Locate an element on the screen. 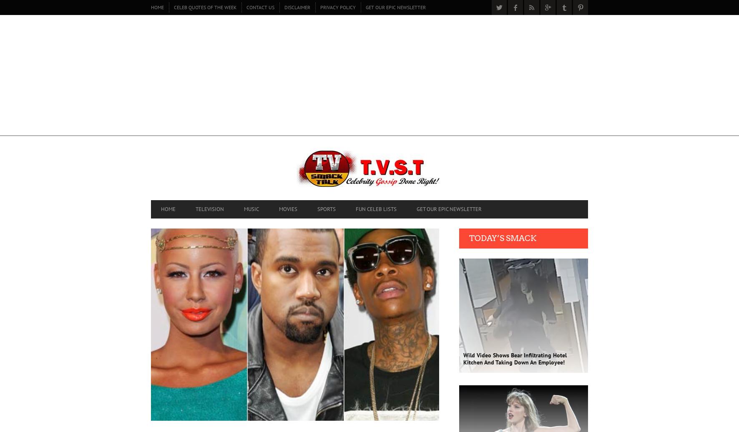 This screenshot has height=432, width=739. 'MOVIES' is located at coordinates (278, 208).